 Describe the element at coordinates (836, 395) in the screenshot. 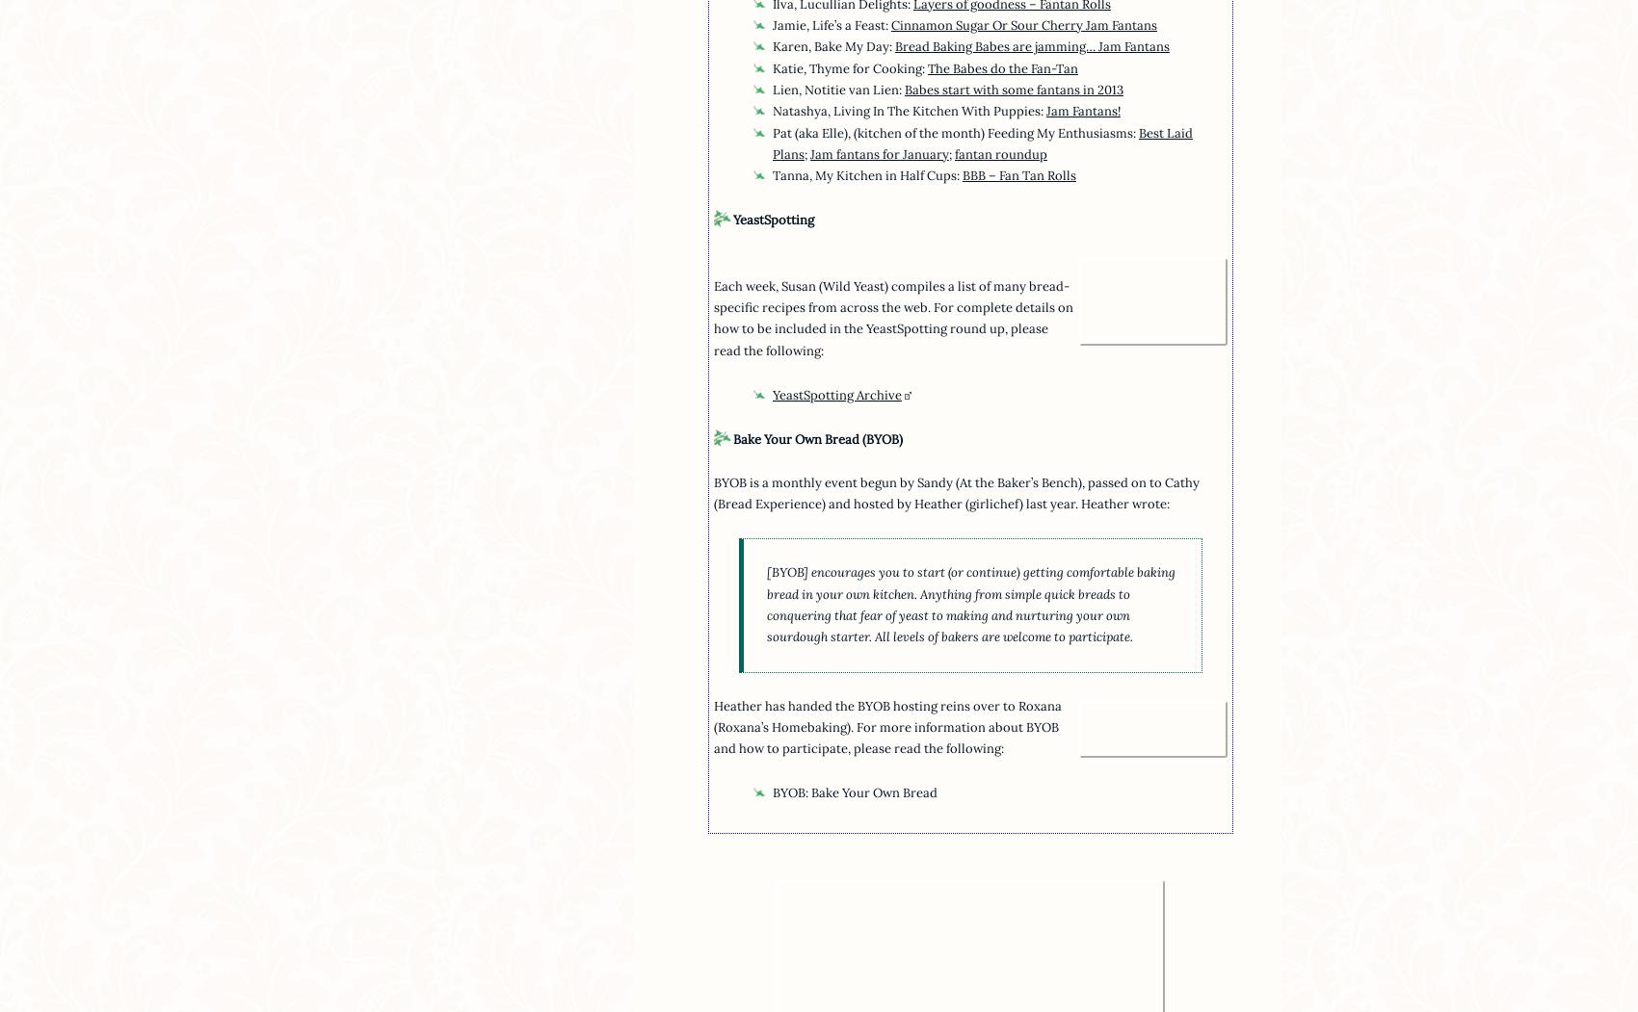

I see `'YeastSpotting Archive'` at that location.